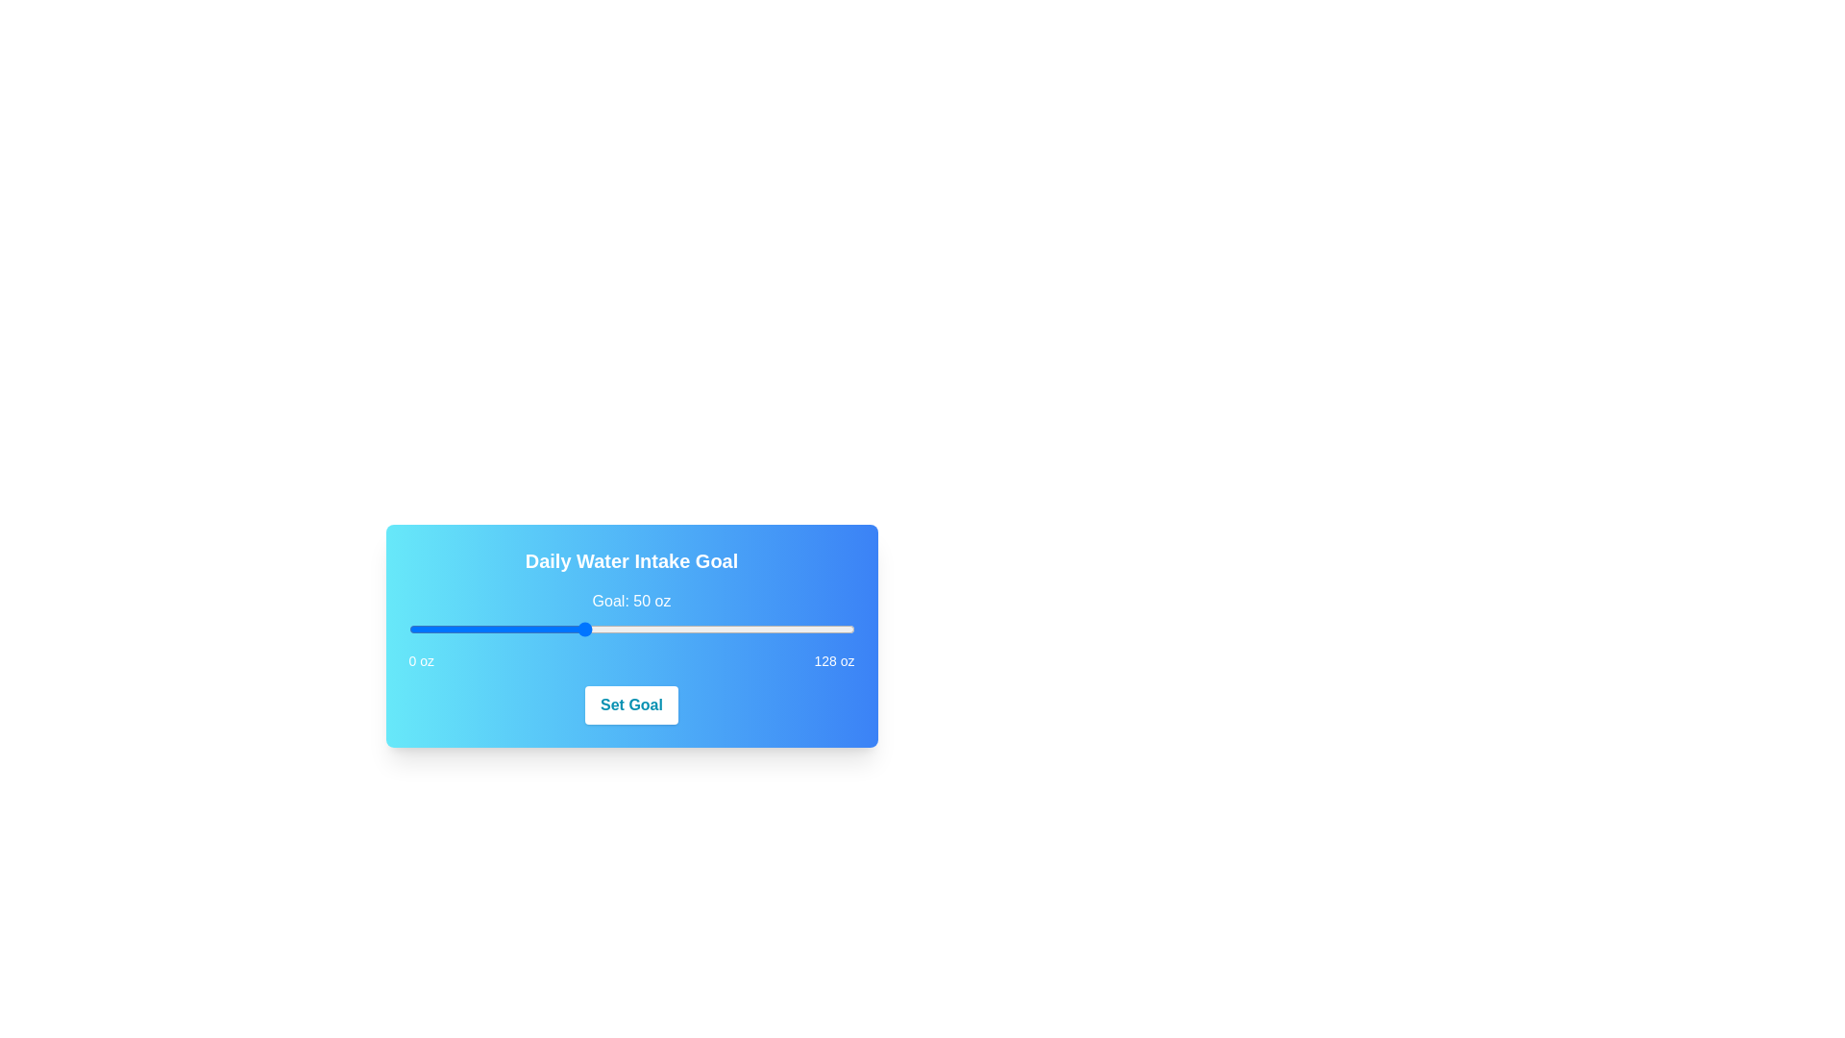 The width and height of the screenshot is (1845, 1038). I want to click on the slider to set the value to 58 oz, so click(609, 630).